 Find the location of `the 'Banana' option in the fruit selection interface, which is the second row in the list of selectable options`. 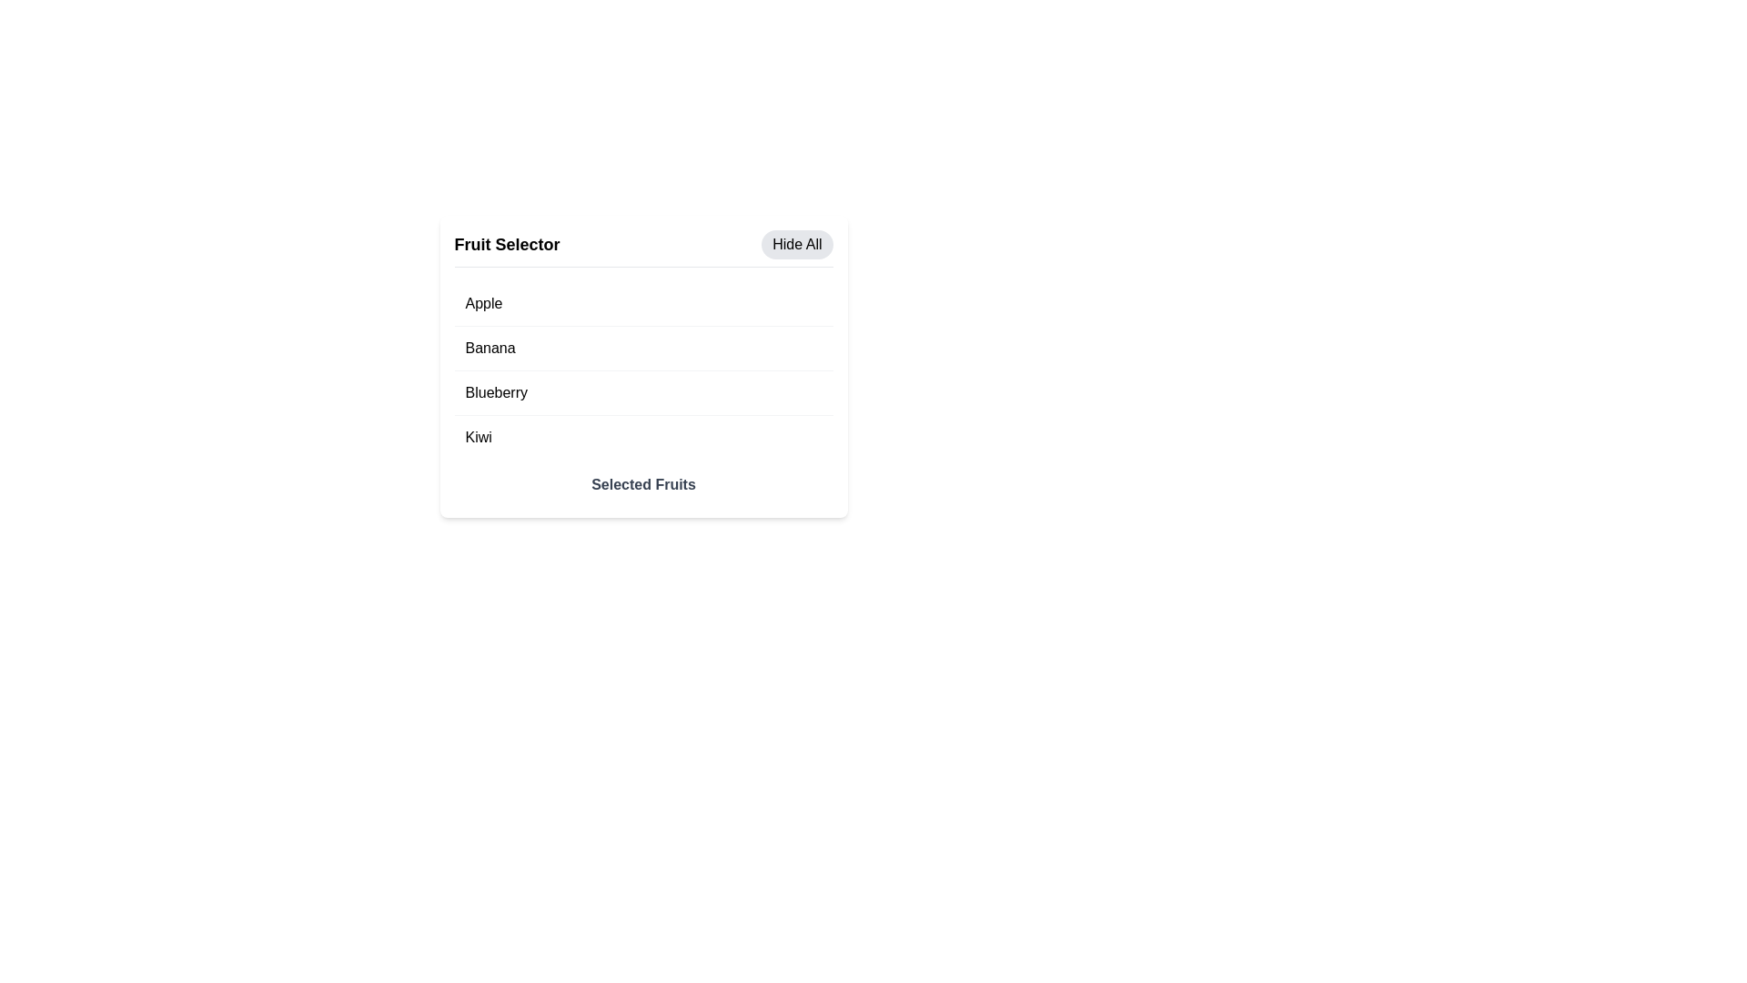

the 'Banana' option in the fruit selection interface, which is the second row in the list of selectable options is located at coordinates (643, 348).